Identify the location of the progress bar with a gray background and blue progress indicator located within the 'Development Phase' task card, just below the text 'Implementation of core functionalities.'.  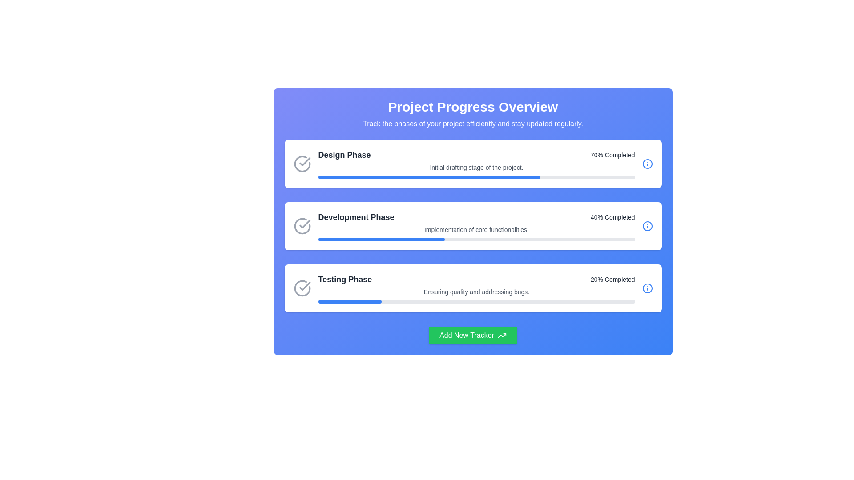
(476, 239).